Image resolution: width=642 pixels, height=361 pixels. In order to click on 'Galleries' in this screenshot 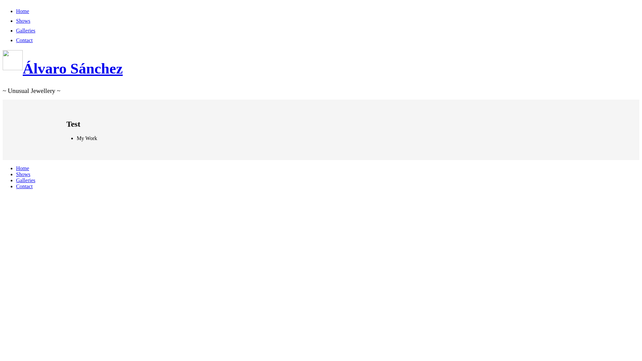, I will do `click(16, 180)`.